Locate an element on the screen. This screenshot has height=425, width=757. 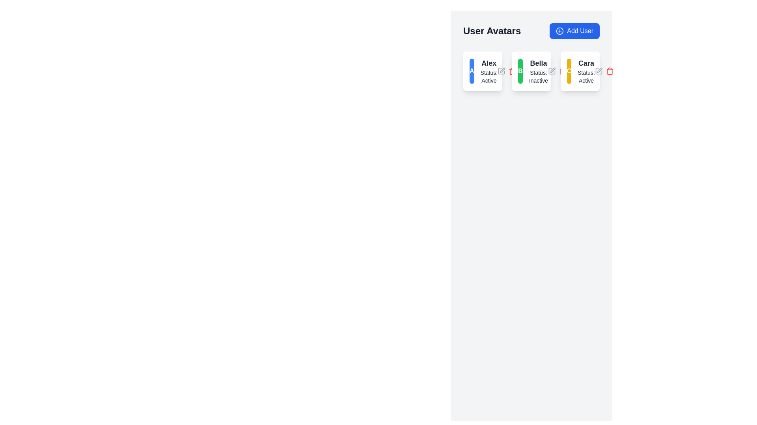
the left-most part of the edit icon represented by a pencil shape located in the user avatars section next to the user card labeled 'Cara' is located at coordinates (599, 71).